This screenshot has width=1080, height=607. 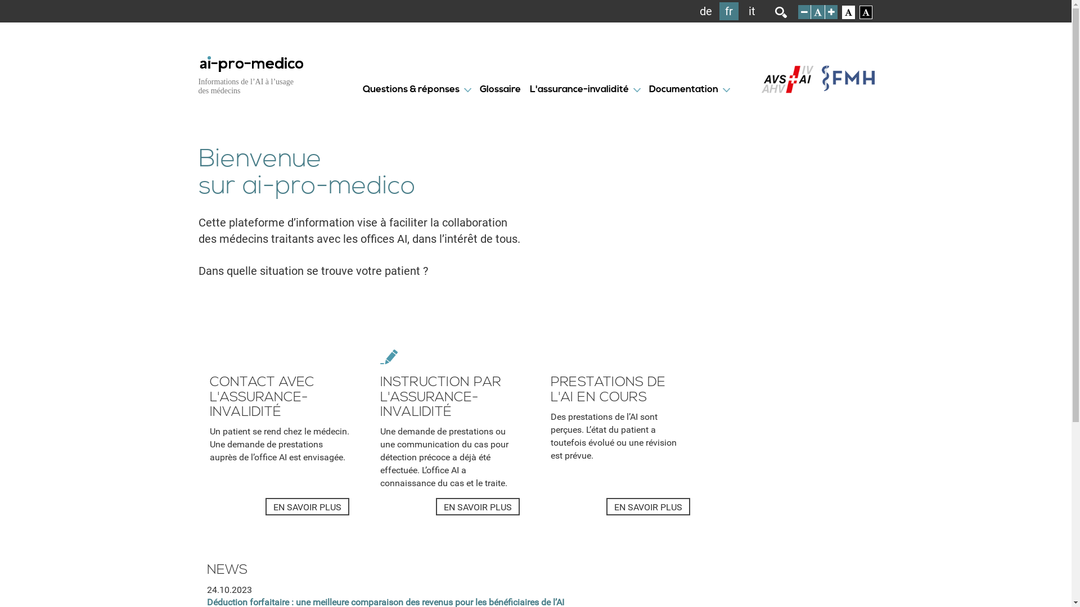 What do you see at coordinates (705, 11) in the screenshot?
I see `'de'` at bounding box center [705, 11].